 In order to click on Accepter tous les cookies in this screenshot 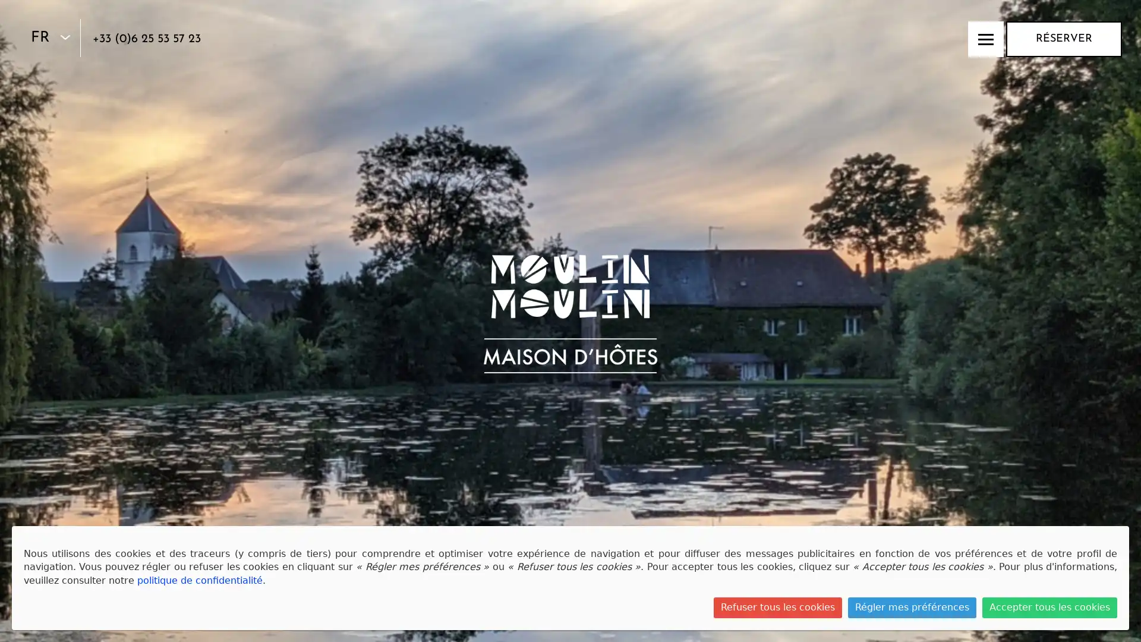, I will do `click(1049, 608)`.